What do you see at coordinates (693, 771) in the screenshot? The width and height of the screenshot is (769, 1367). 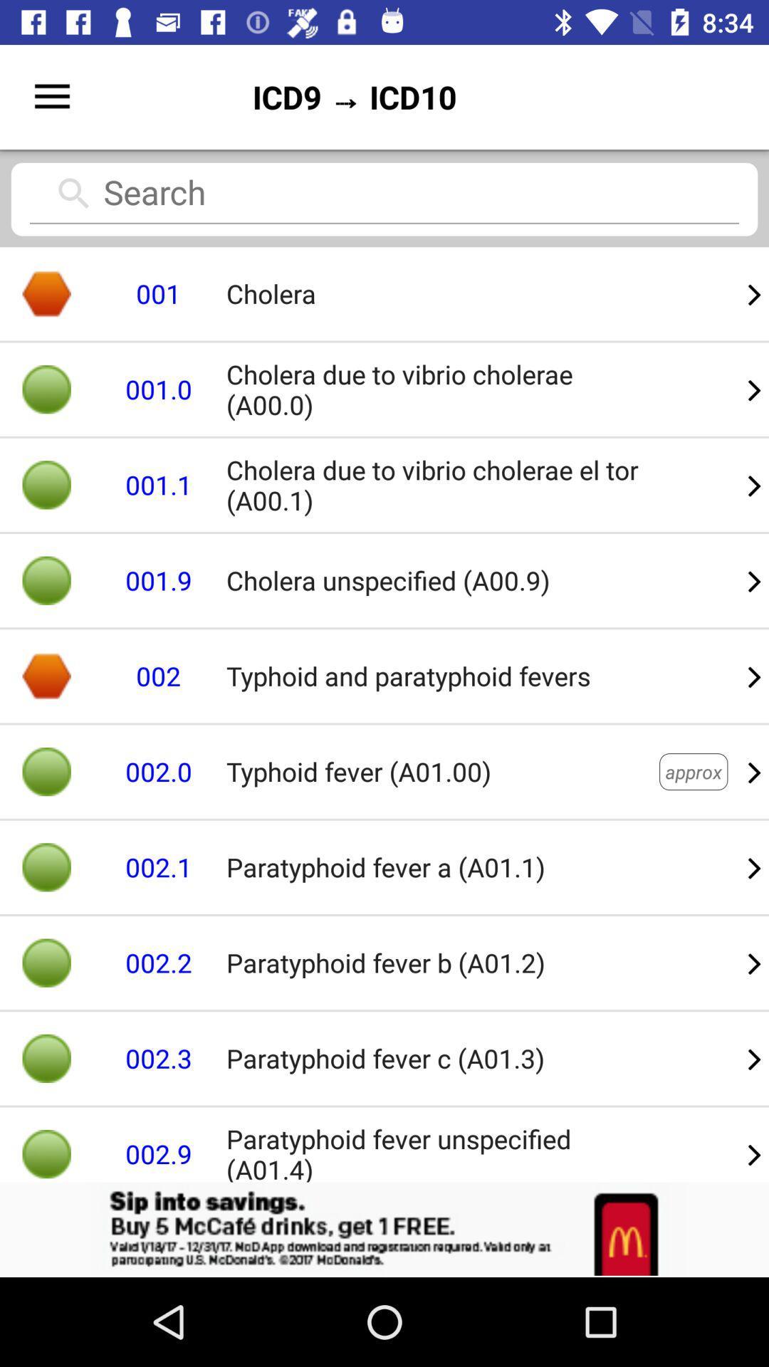 I see `the approx` at bounding box center [693, 771].